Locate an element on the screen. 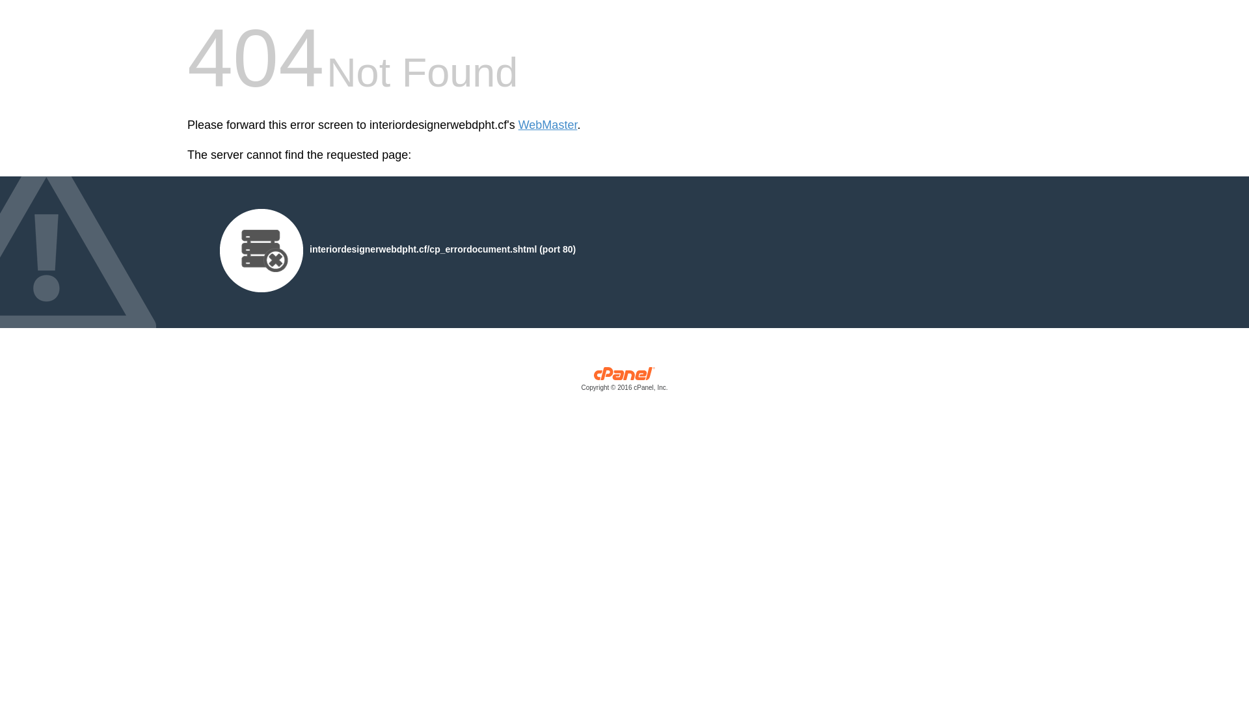 This screenshot has height=703, width=1249. 'WebMaster' is located at coordinates (548, 125).